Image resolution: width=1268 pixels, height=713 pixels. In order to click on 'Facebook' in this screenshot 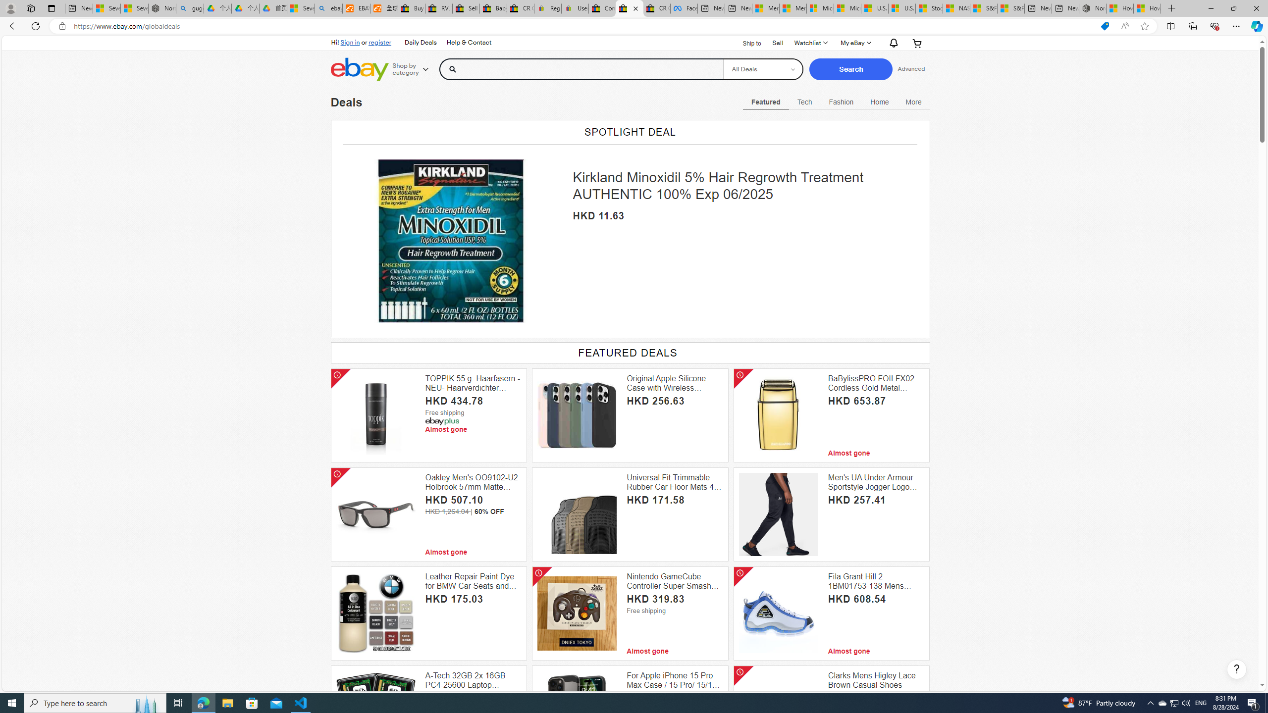, I will do `click(684, 8)`.